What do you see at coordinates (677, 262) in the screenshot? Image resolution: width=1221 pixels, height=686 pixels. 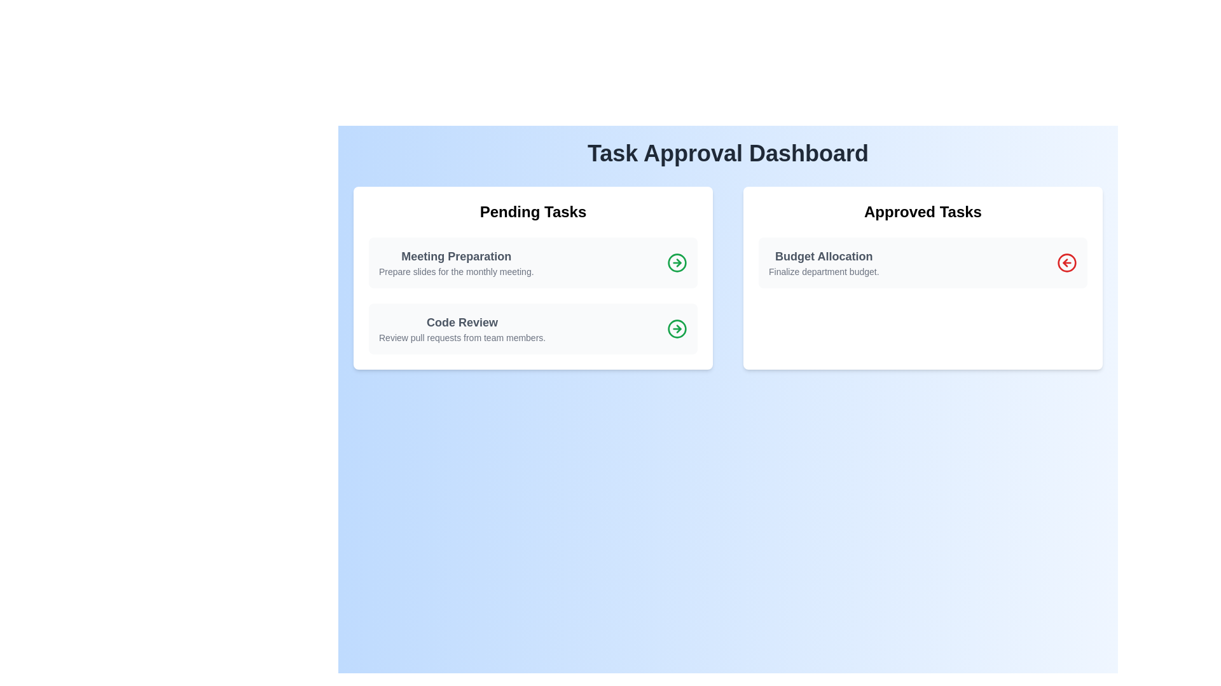 I see `the circular green button with a rightward-pointing arrow, located at the far right side of the 'Meeting Preparation' task in the 'Pending Tasks' section` at bounding box center [677, 262].